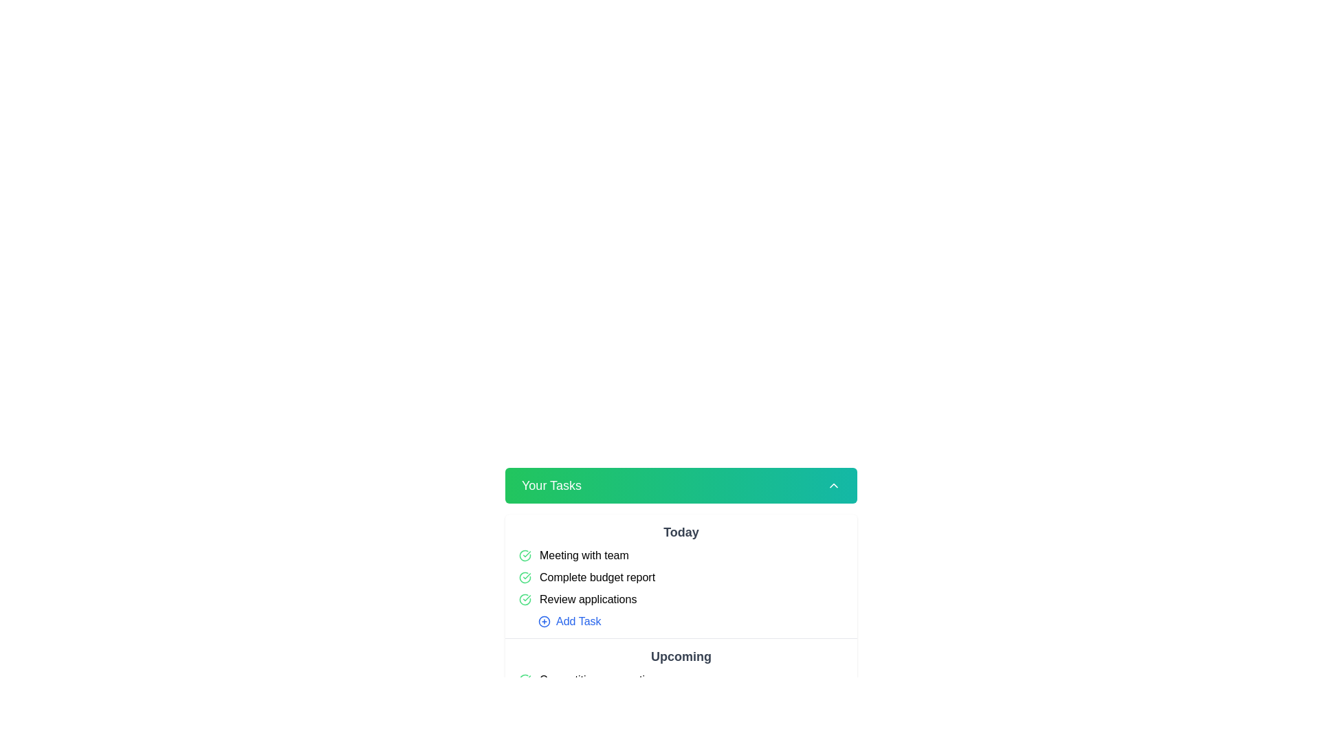 Image resolution: width=1320 pixels, height=742 pixels. I want to click on the text label representing the completed task 'Review applications' in the task manager interface, so click(588, 598).